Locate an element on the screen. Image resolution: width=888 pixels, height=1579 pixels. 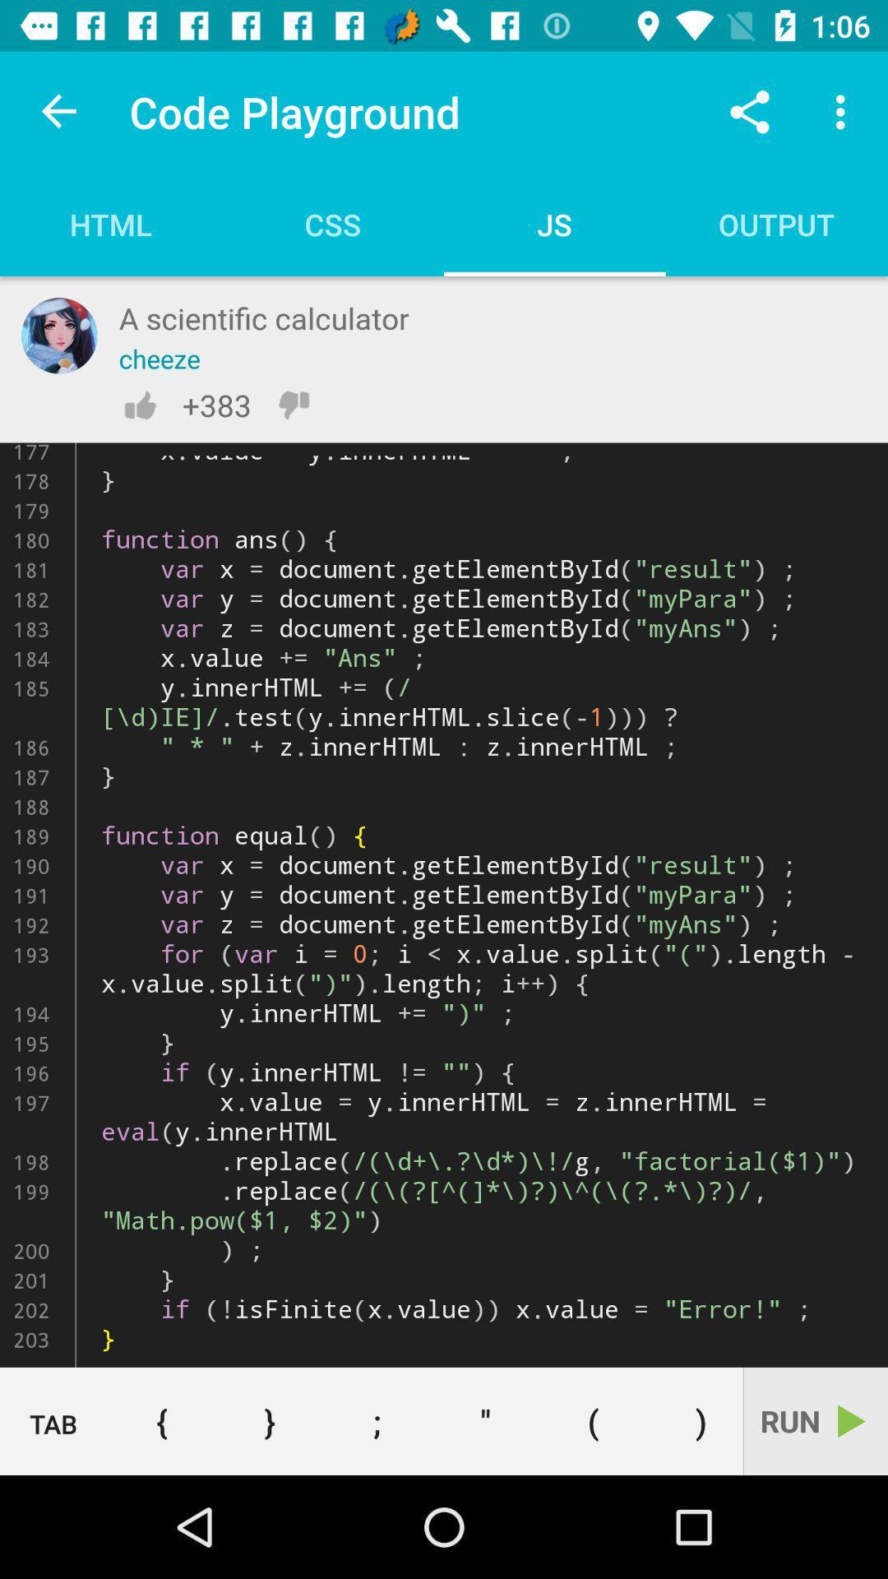
like this code is located at coordinates (139, 405).